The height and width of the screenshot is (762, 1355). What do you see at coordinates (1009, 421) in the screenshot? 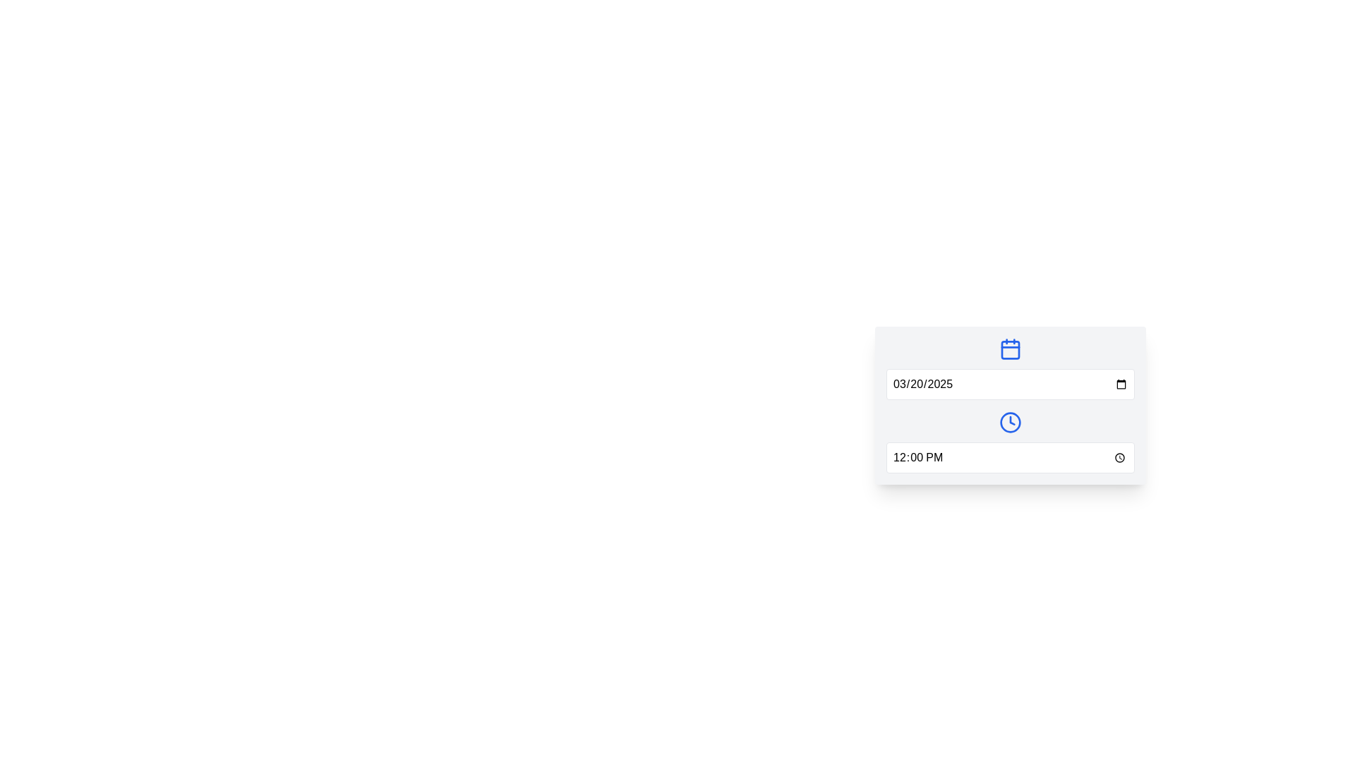
I see `the decorative vector graphic representing the center point of the clock icon within the floating dialog box` at bounding box center [1009, 421].